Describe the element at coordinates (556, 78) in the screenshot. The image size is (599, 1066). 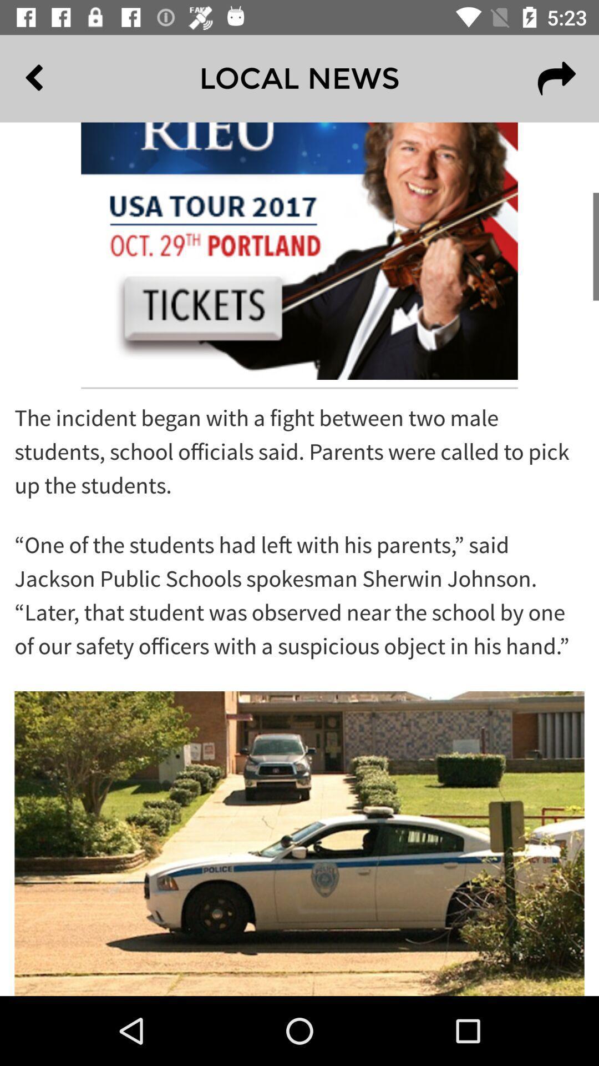
I see `the redo icon` at that location.